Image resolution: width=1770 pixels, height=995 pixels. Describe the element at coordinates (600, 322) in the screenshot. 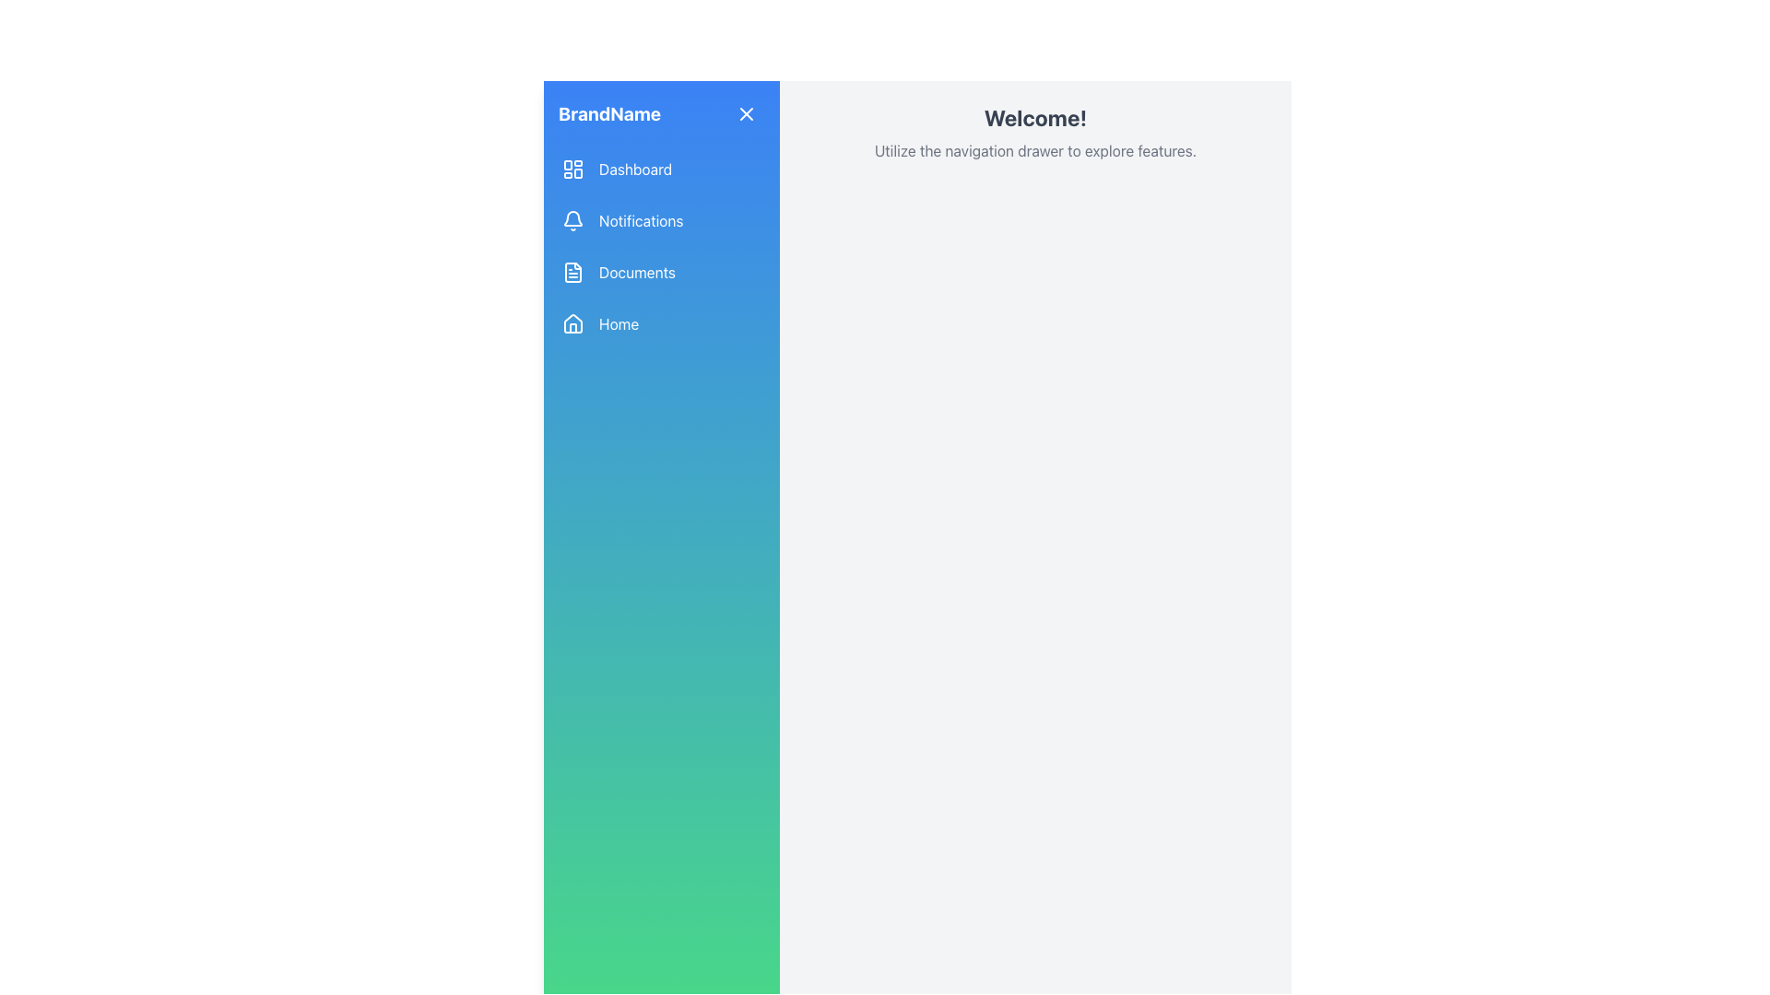

I see `the 'Home' button, which is a rounded rectangular button with a home icon on the left and the text 'Home' on the right, located in the left-side navigation pane below the 'Dashboard', 'Notifications', and 'Documents' buttons` at that location.